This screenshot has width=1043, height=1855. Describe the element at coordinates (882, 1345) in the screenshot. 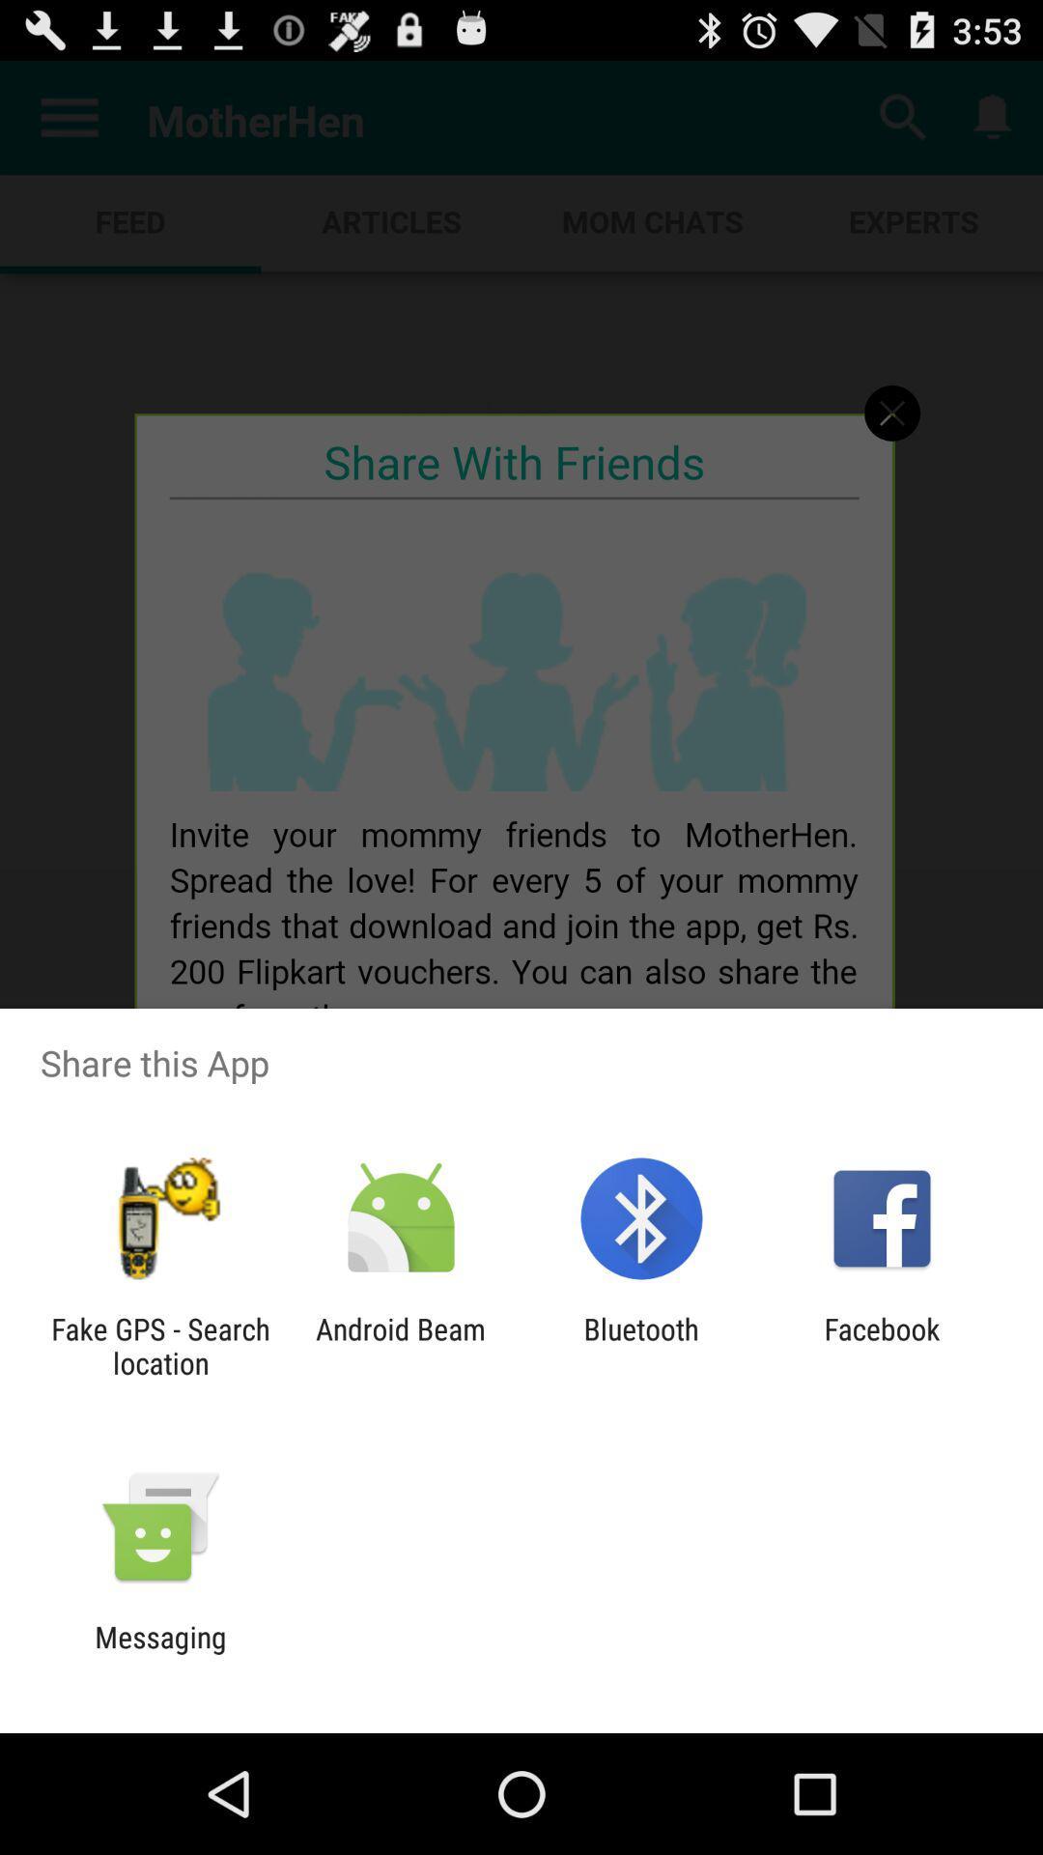

I see `the facebook app` at that location.